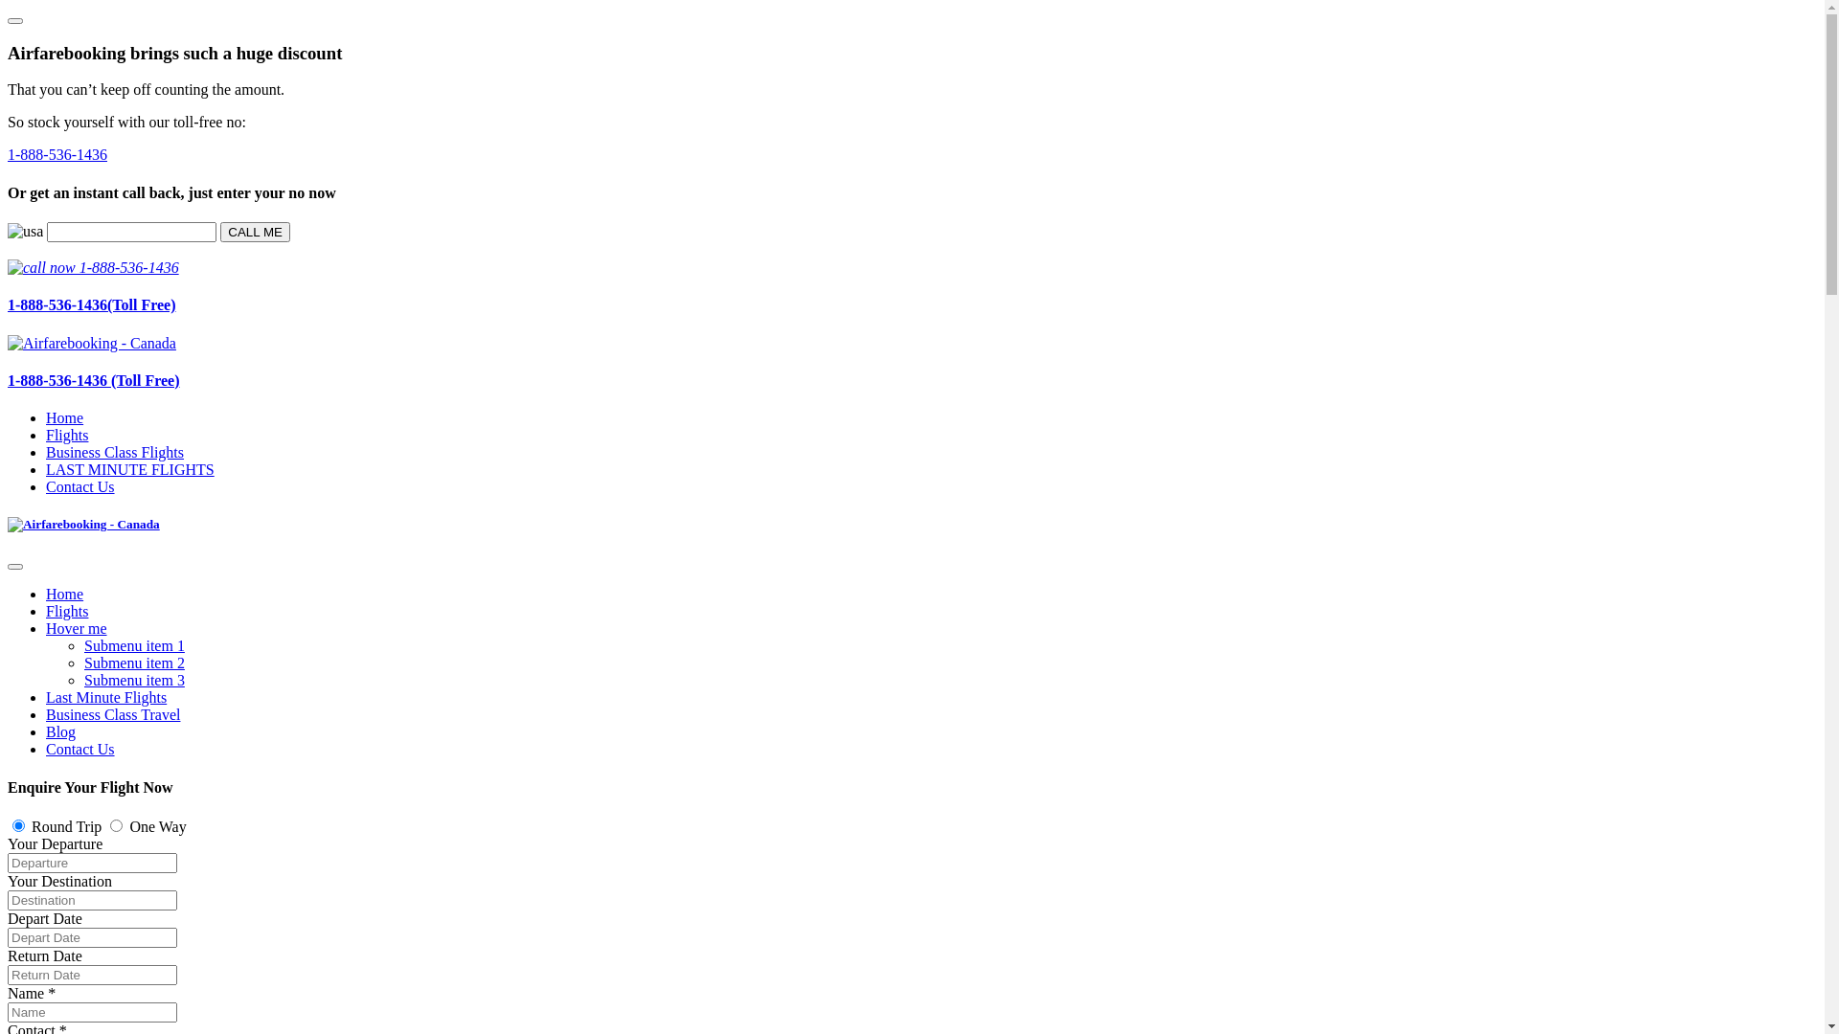  Describe the element at coordinates (133, 662) in the screenshot. I see `'Submenu item 2'` at that location.